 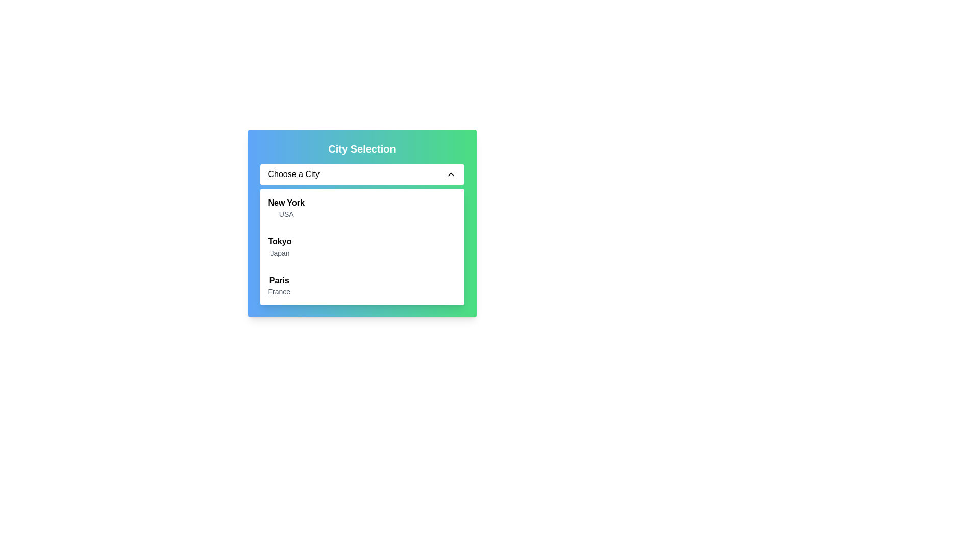 What do you see at coordinates (280, 242) in the screenshot?
I see `text label that displays the name of a city in the dropdown selection menu, positioned above 'Japan' and below 'New York' and 'USA'` at bounding box center [280, 242].